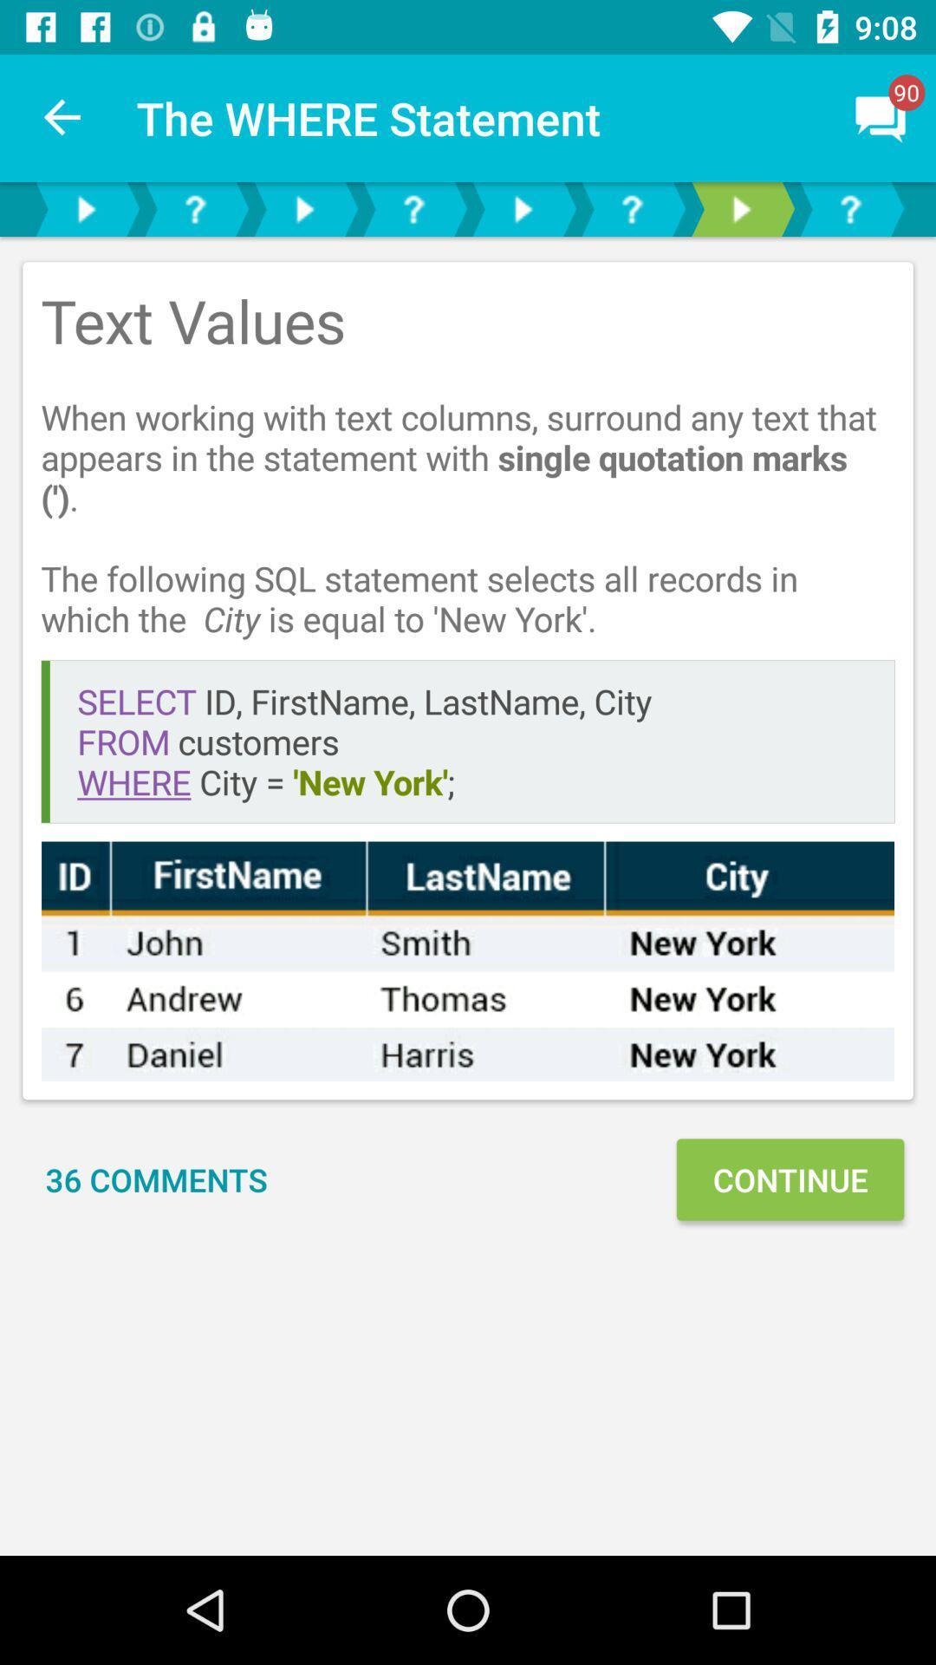 This screenshot has width=936, height=1665. Describe the element at coordinates (303, 208) in the screenshot. I see `play` at that location.